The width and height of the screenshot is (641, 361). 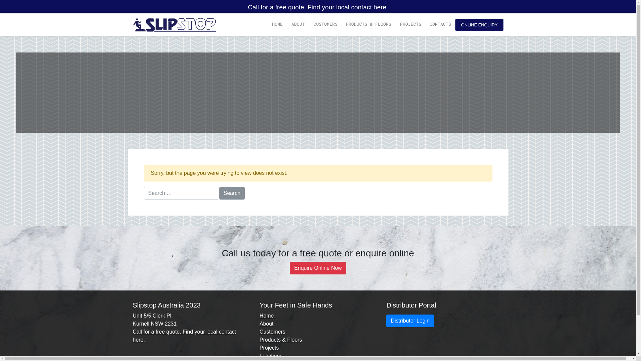 I want to click on 'About', so click(x=266, y=323).